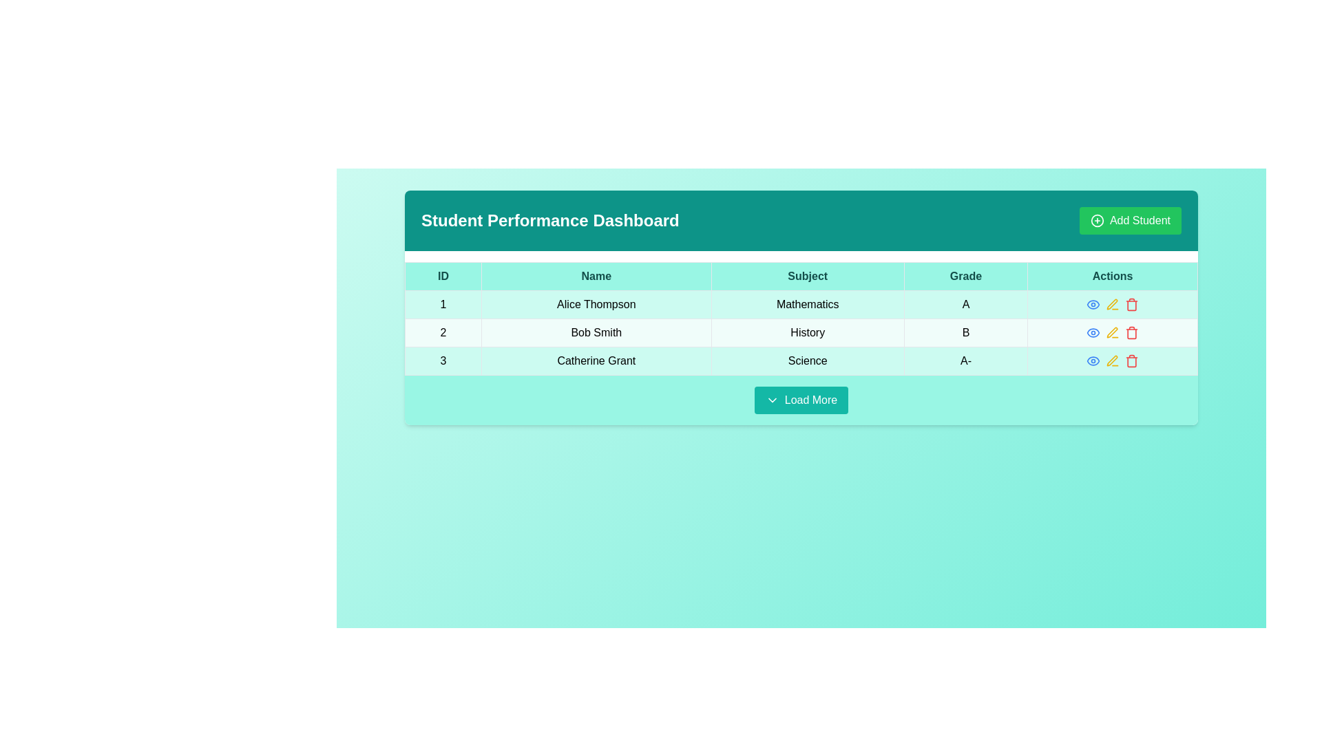 The height and width of the screenshot is (743, 1322). Describe the element at coordinates (1113, 332) in the screenshot. I see `the yellow pencil icon in the 'Actions' column of the row for 'Bob Smith'` at that location.